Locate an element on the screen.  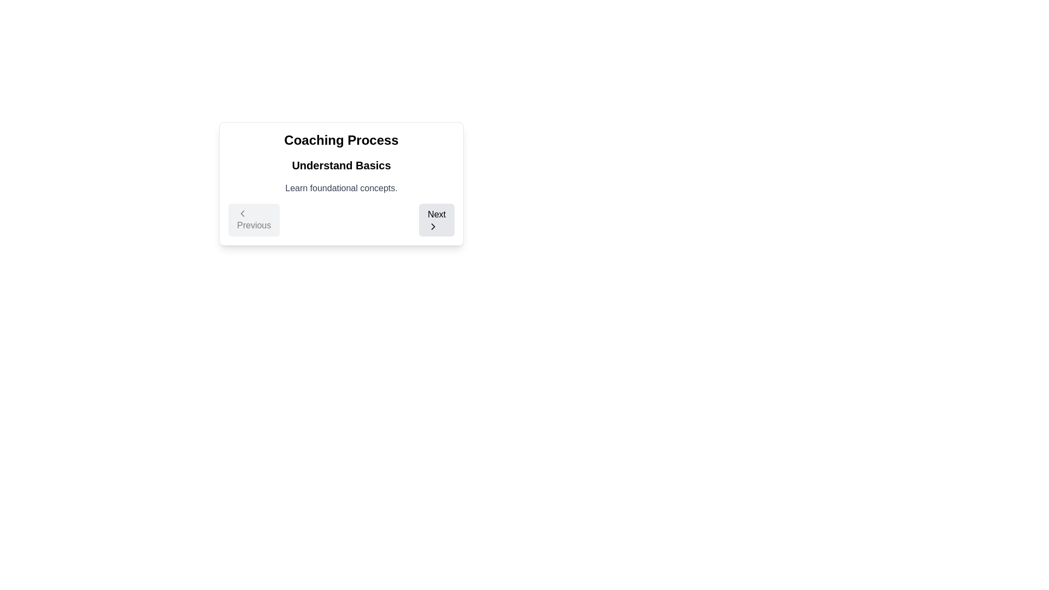
the navigation button located on the far left of the horizontal layout is located at coordinates (254, 220).